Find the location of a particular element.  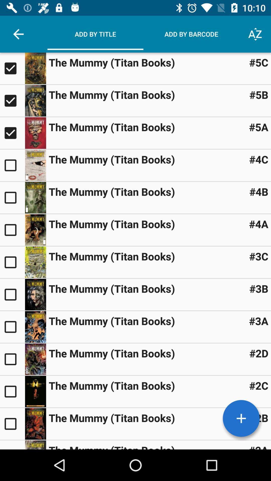

book button is located at coordinates (12, 423).